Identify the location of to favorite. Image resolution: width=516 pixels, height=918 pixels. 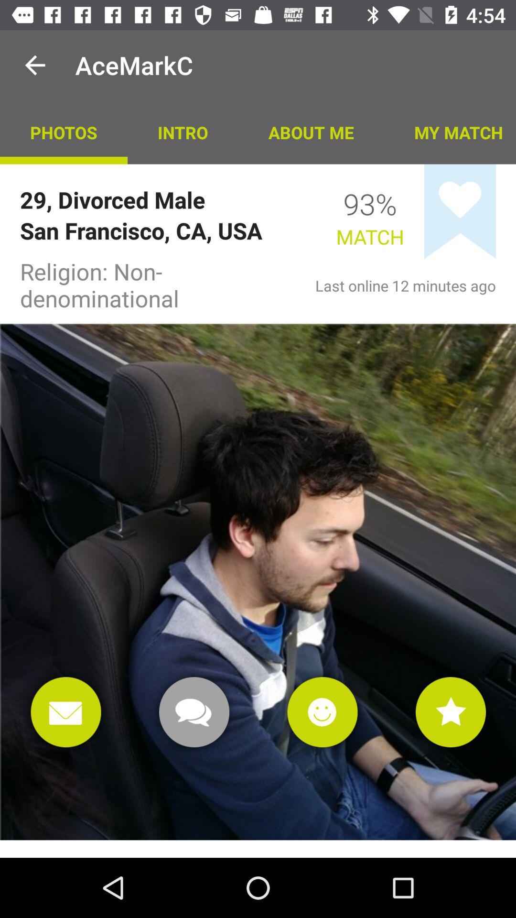
(451, 712).